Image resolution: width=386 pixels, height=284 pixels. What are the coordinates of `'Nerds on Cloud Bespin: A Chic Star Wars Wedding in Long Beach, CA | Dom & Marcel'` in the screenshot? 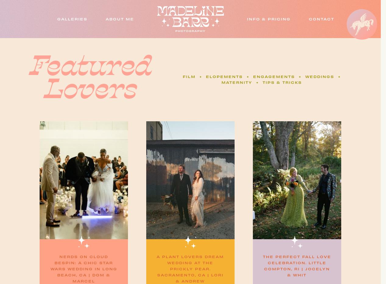 It's located at (83, 269).